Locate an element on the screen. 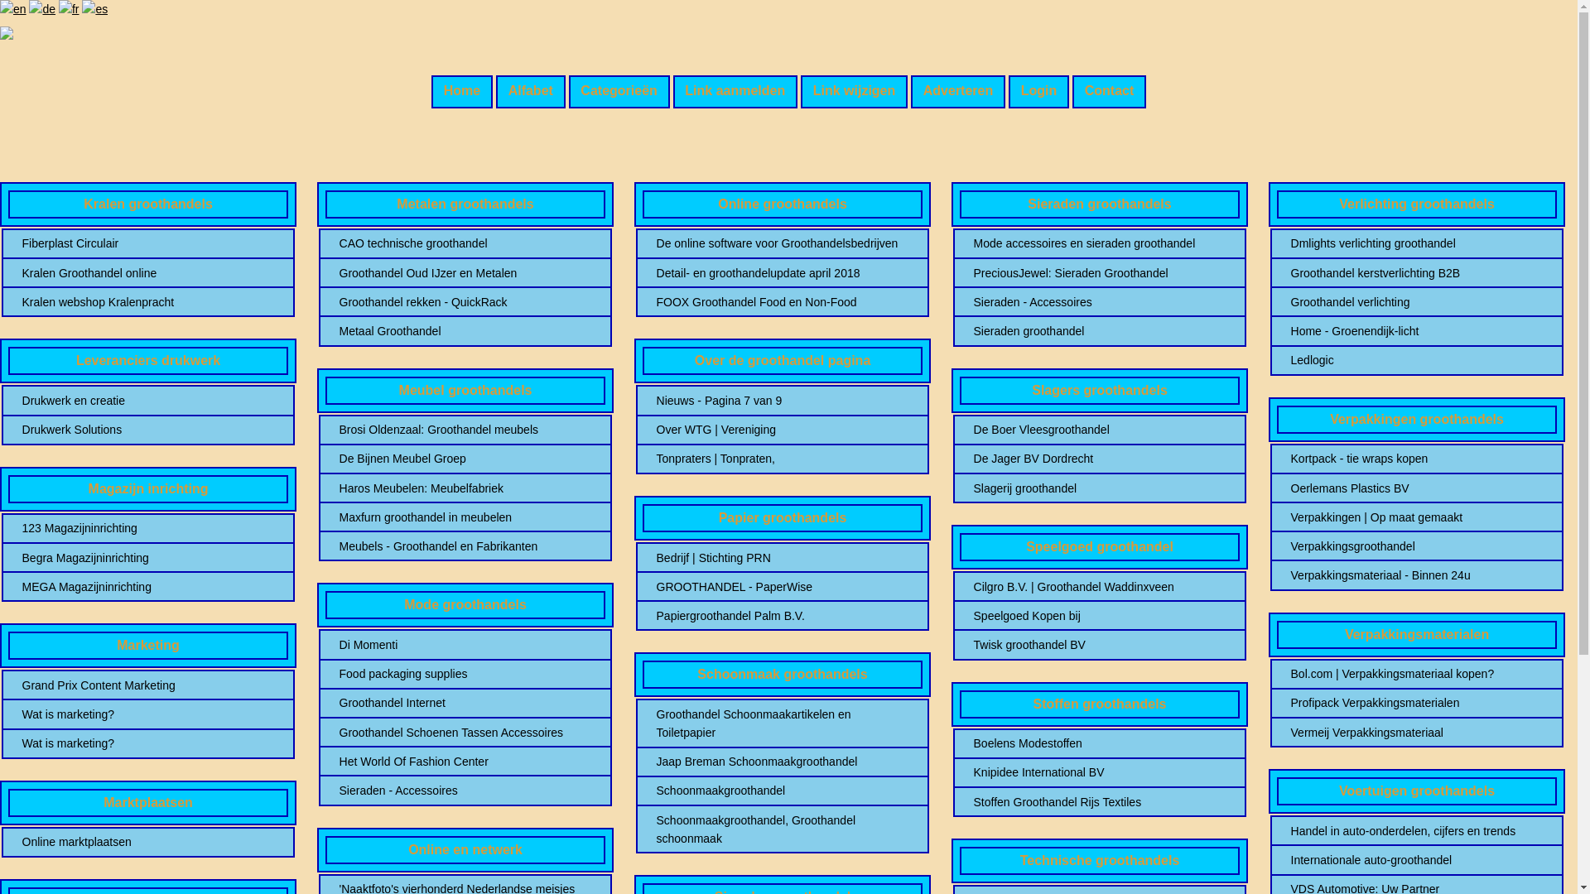  'Haros Meubelen: Meubelfabriek' is located at coordinates (465, 488).